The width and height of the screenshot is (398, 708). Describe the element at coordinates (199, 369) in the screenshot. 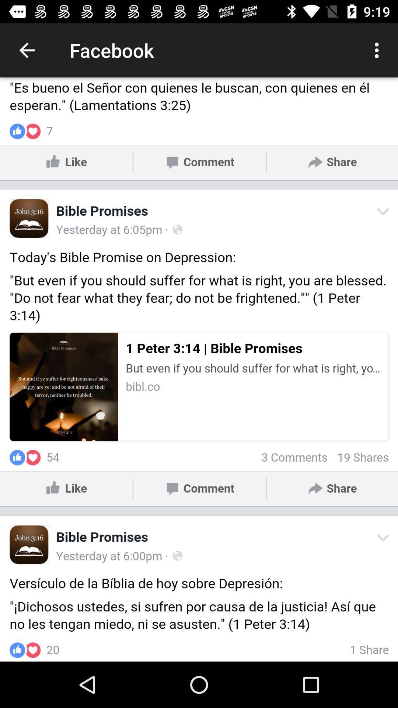

I see `facebook page screen botton` at that location.